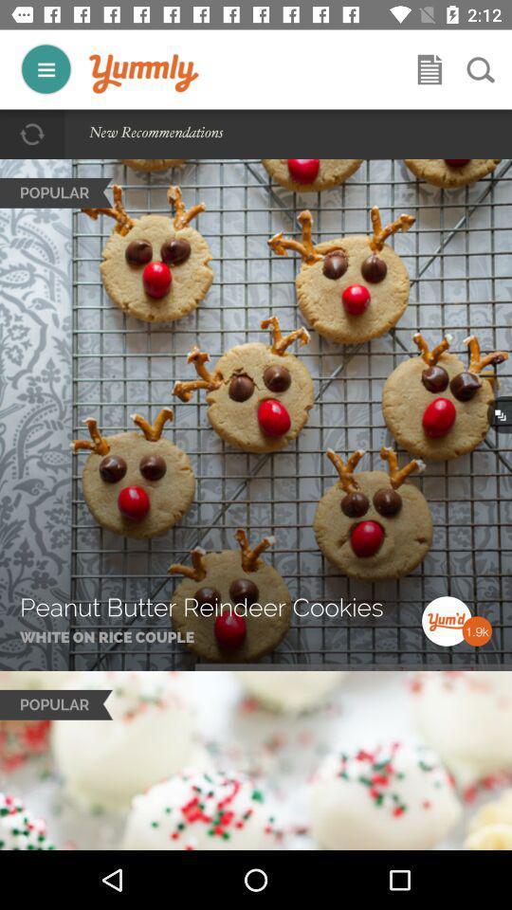  What do you see at coordinates (46, 69) in the screenshot?
I see `more option` at bounding box center [46, 69].